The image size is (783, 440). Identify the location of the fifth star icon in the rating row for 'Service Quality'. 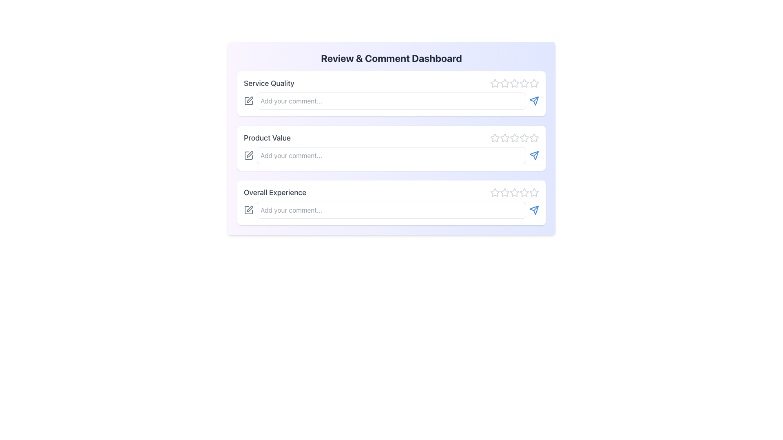
(534, 83).